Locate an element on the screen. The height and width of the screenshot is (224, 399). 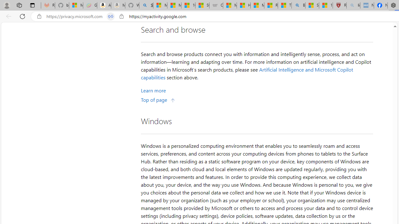
'Refresh' is located at coordinates (22, 16).